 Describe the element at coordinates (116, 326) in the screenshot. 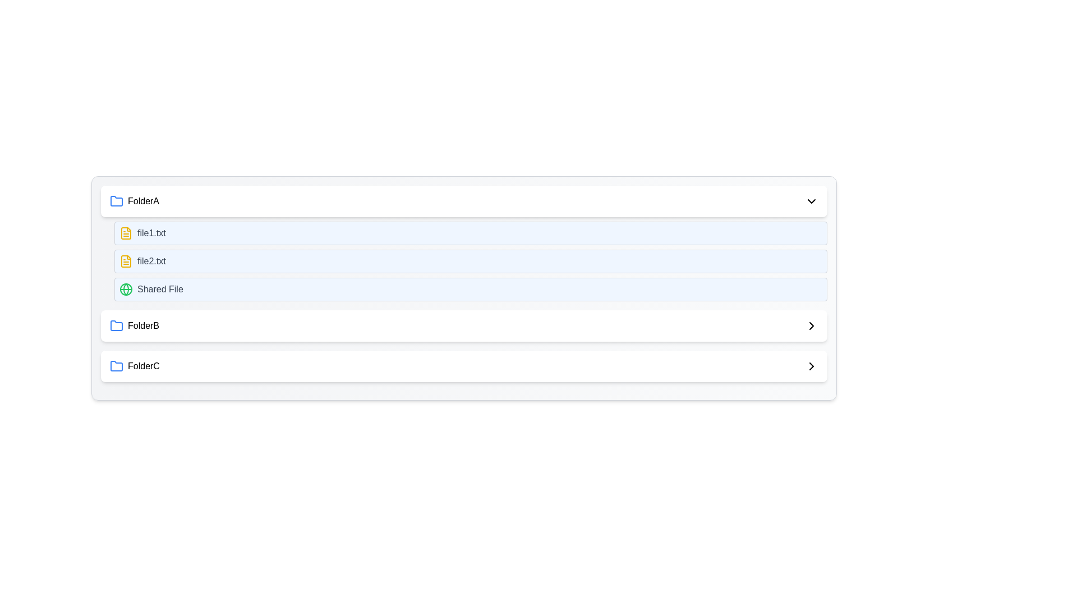

I see `the folder icon located to the left of the text label 'FolderB' in the second displayed folder group` at that location.